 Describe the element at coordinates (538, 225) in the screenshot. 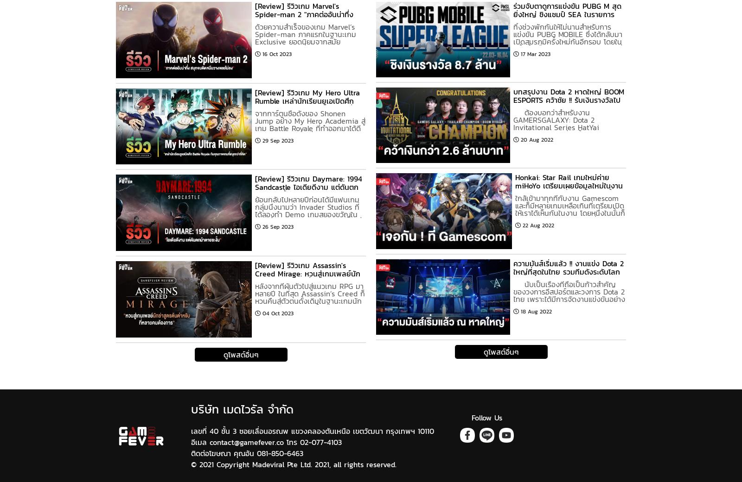

I see `'22 Aug 2022'` at that location.